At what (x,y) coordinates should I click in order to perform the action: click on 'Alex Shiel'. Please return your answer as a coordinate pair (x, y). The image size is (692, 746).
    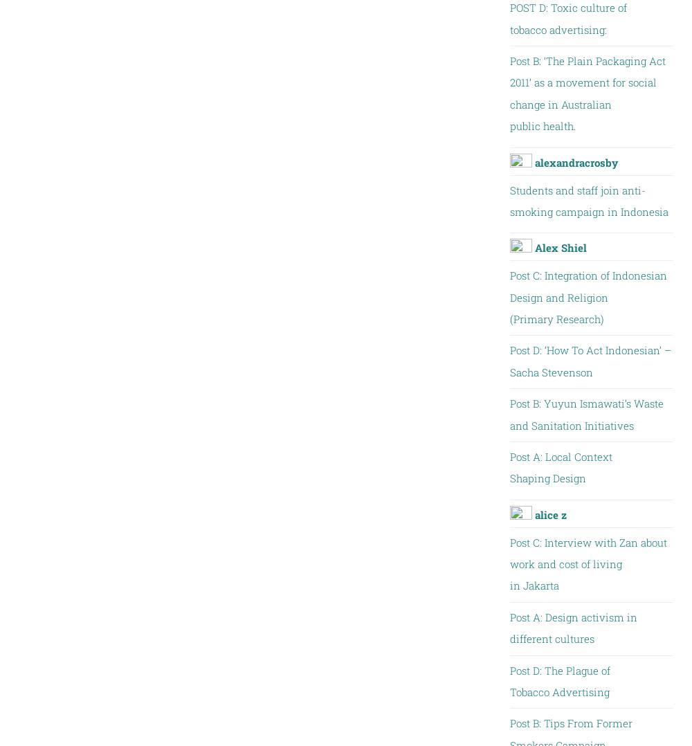
    Looking at the image, I should click on (560, 248).